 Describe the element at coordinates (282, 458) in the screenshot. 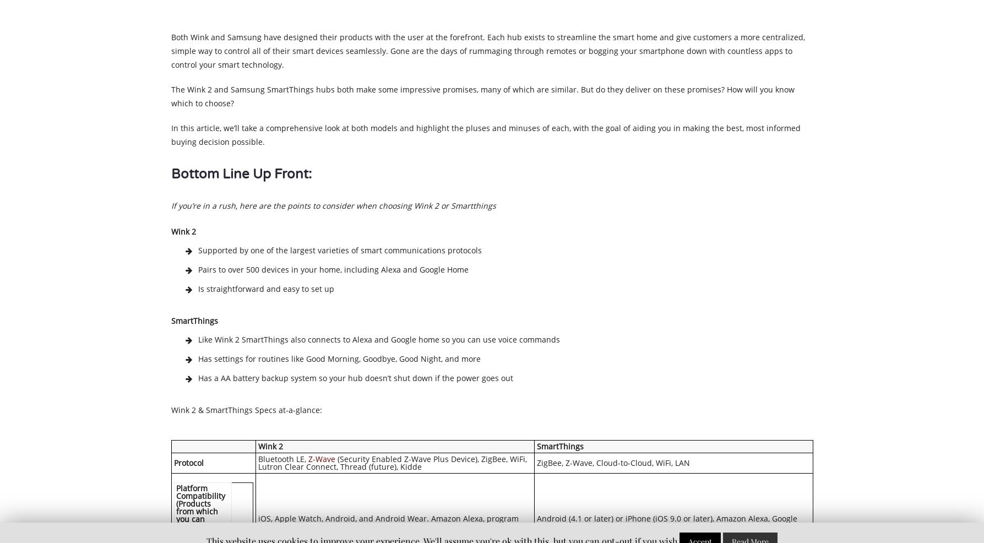

I see `'Bluetooth LE,'` at that location.